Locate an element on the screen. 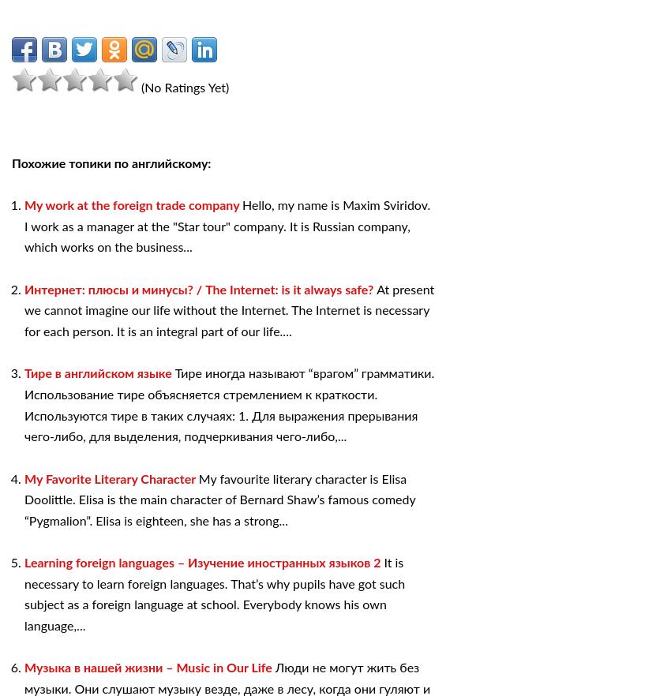 The height and width of the screenshot is (696, 671). 'At present we cannot imagine our life without the Internet. The Internet is necessary for each person. It is an integral part of our life....' is located at coordinates (24, 310).